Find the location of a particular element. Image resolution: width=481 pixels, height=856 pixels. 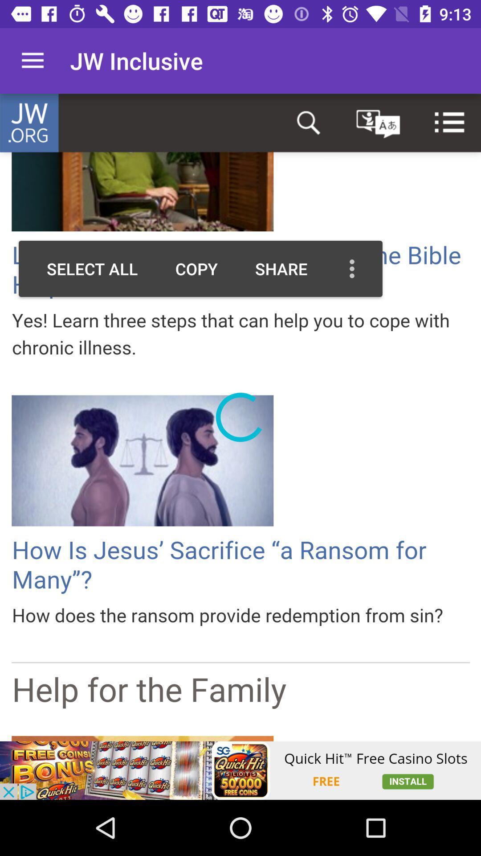

redirects you to offer page is located at coordinates (240, 770).